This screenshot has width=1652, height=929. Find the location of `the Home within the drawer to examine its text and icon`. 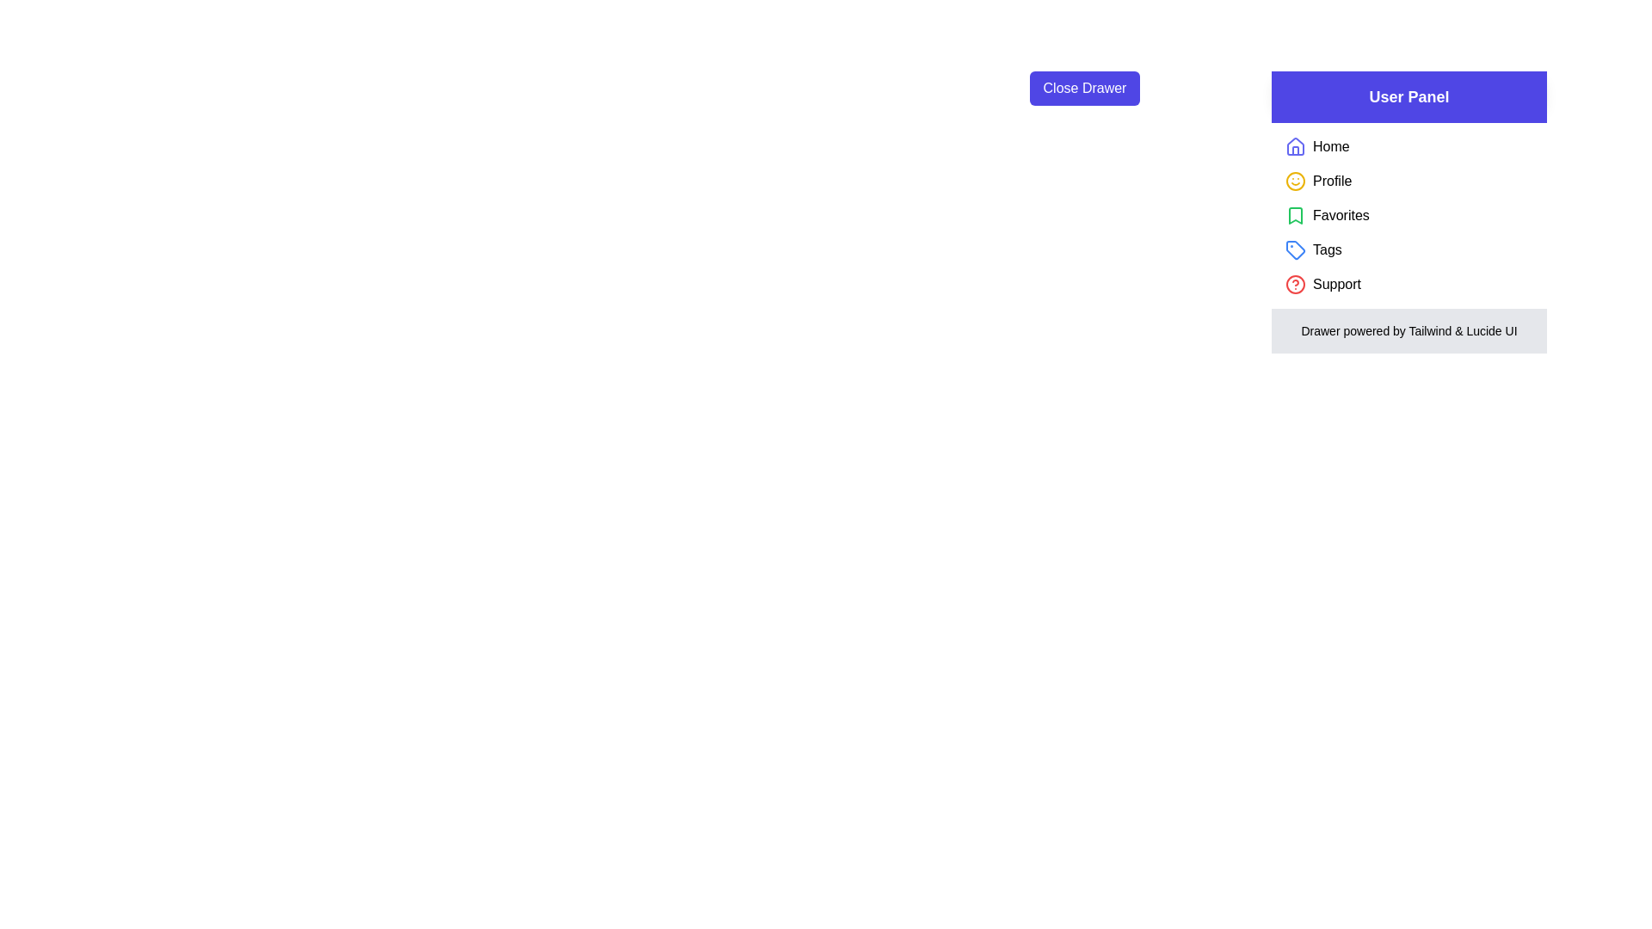

the Home within the drawer to examine its text and icon is located at coordinates (1296, 145).